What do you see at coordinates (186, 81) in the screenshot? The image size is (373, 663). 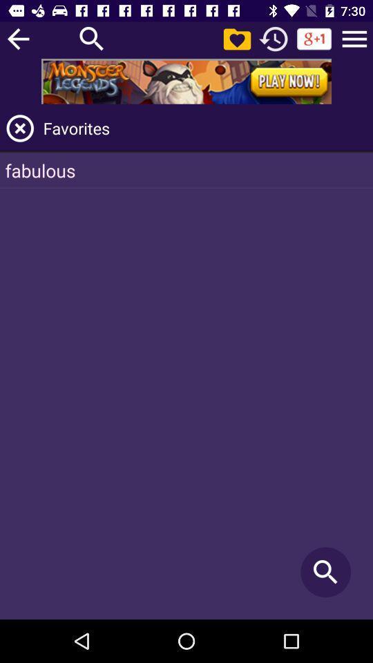 I see `advertisement` at bounding box center [186, 81].